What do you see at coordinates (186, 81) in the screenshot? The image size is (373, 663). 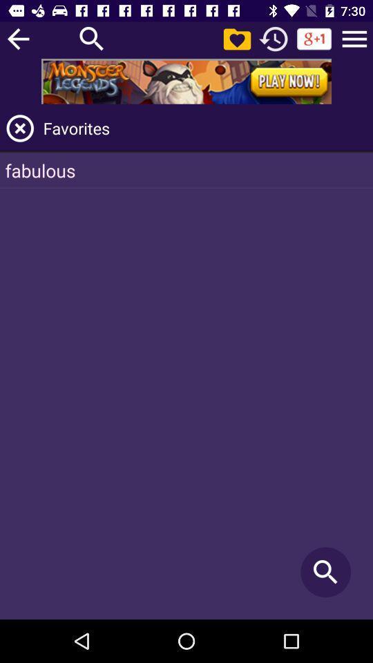 I see `advertisement` at bounding box center [186, 81].